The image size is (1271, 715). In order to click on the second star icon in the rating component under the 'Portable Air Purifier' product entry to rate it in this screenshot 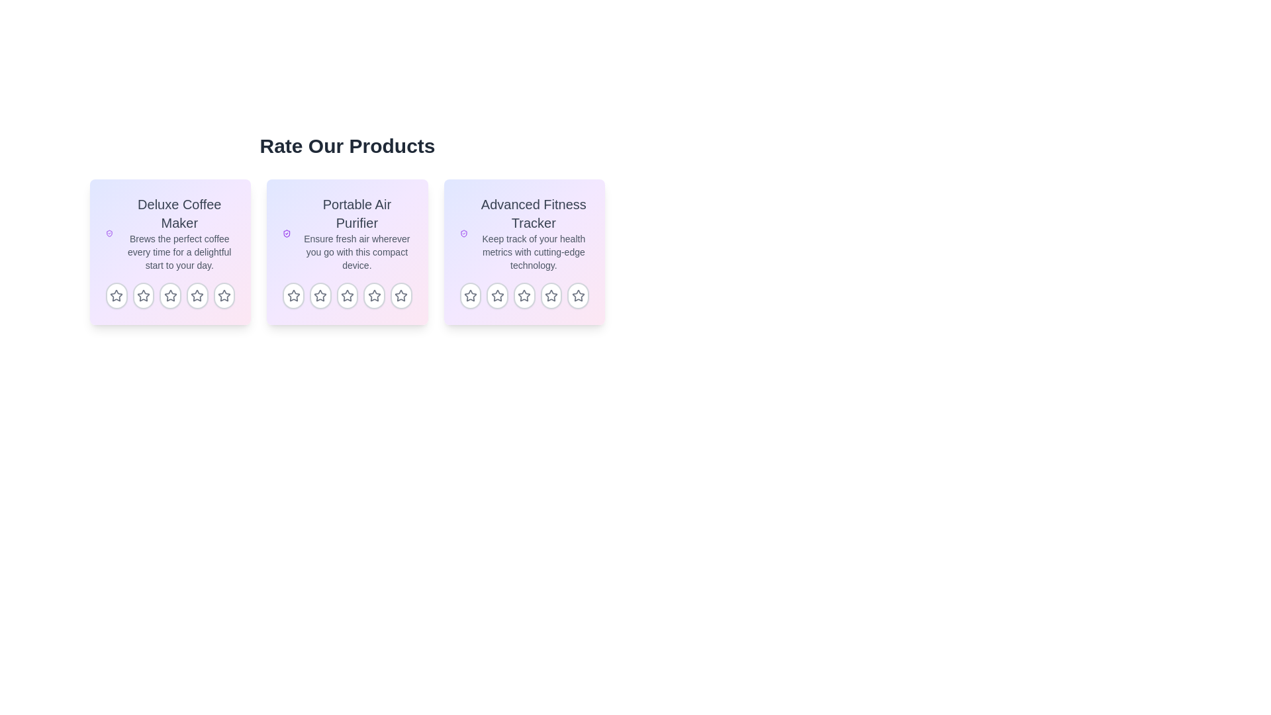, I will do `click(347, 295)`.